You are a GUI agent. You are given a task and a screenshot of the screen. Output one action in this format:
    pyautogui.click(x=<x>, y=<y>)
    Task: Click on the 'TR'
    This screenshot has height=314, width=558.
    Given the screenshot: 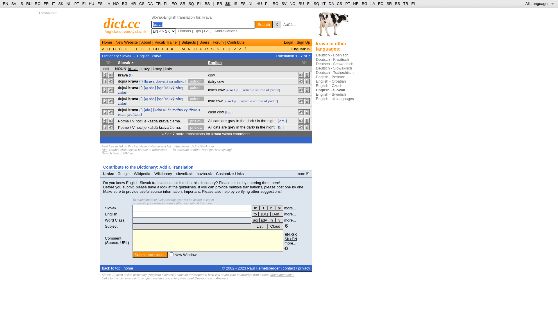 What is the action you would take?
    pyautogui.click(x=158, y=3)
    